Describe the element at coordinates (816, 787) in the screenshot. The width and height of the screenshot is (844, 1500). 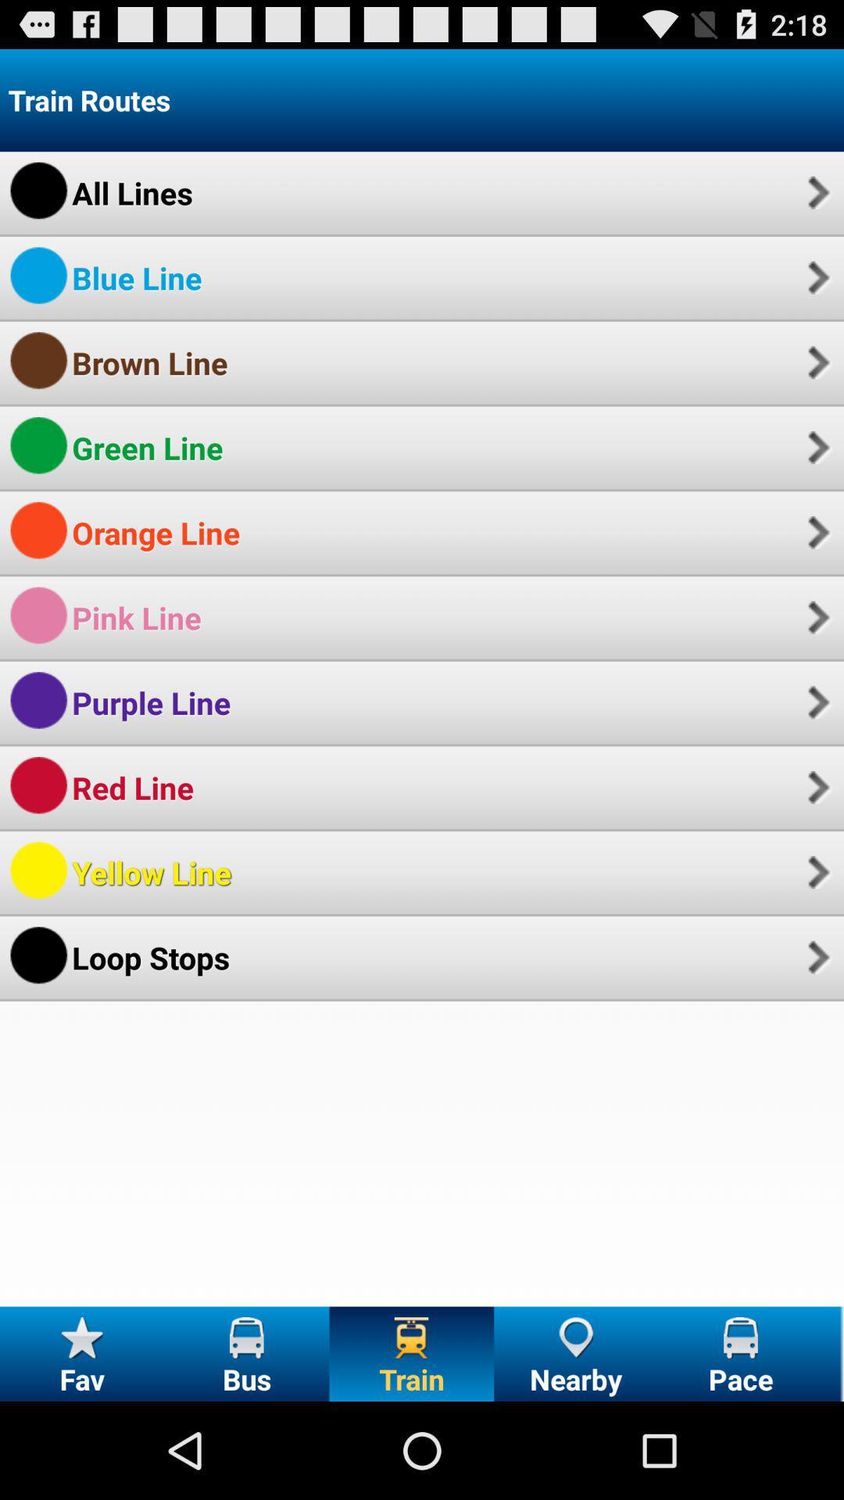
I see `app next to the red line item` at that location.